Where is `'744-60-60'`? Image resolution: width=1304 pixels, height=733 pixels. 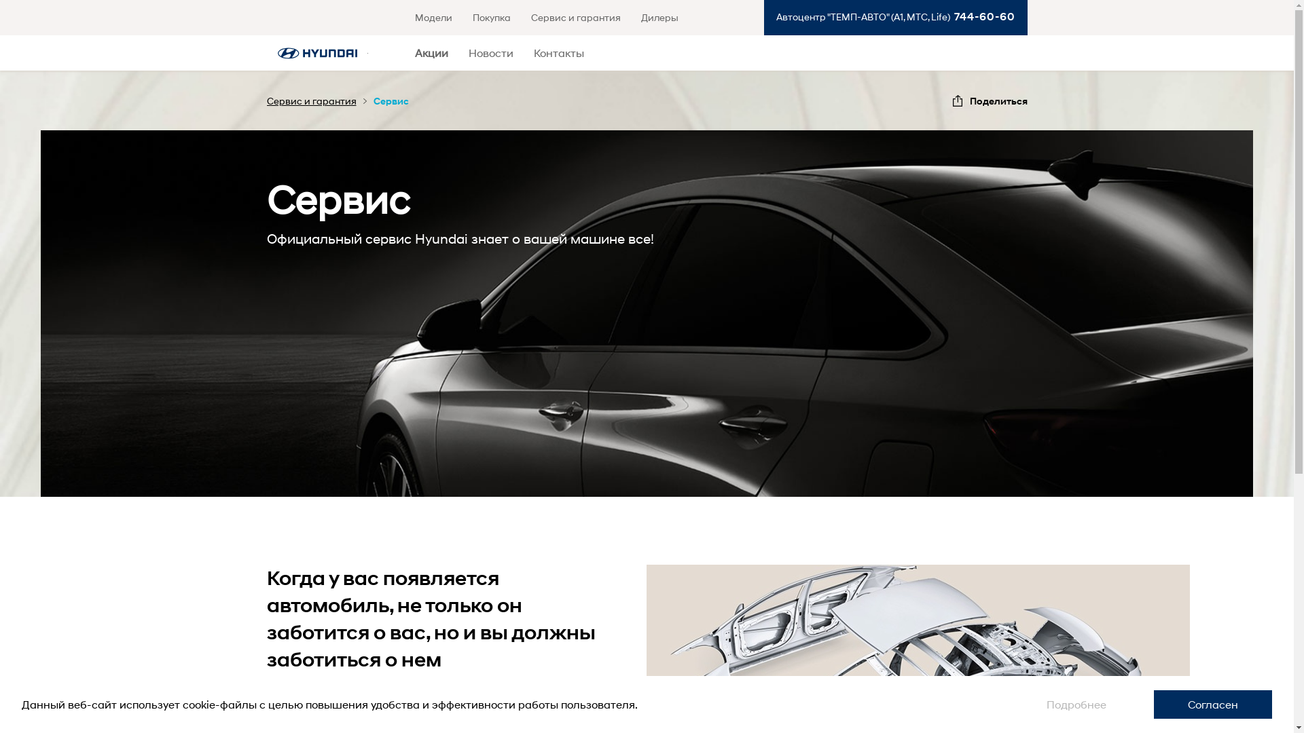 '744-60-60' is located at coordinates (981, 16).